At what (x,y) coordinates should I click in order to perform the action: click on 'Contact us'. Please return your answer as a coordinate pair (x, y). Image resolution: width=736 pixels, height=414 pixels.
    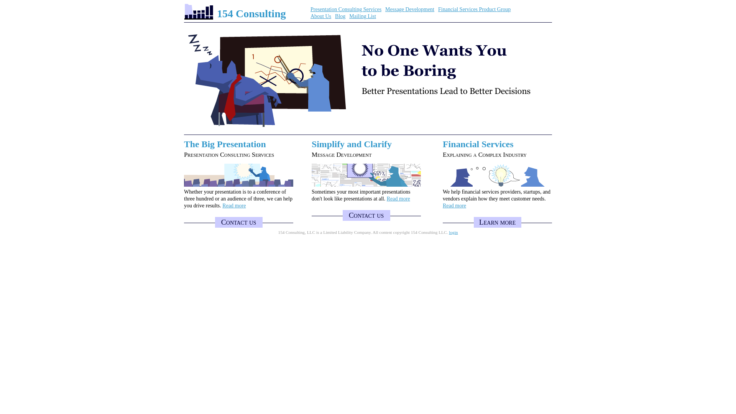
    Looking at the image, I should click on (238, 222).